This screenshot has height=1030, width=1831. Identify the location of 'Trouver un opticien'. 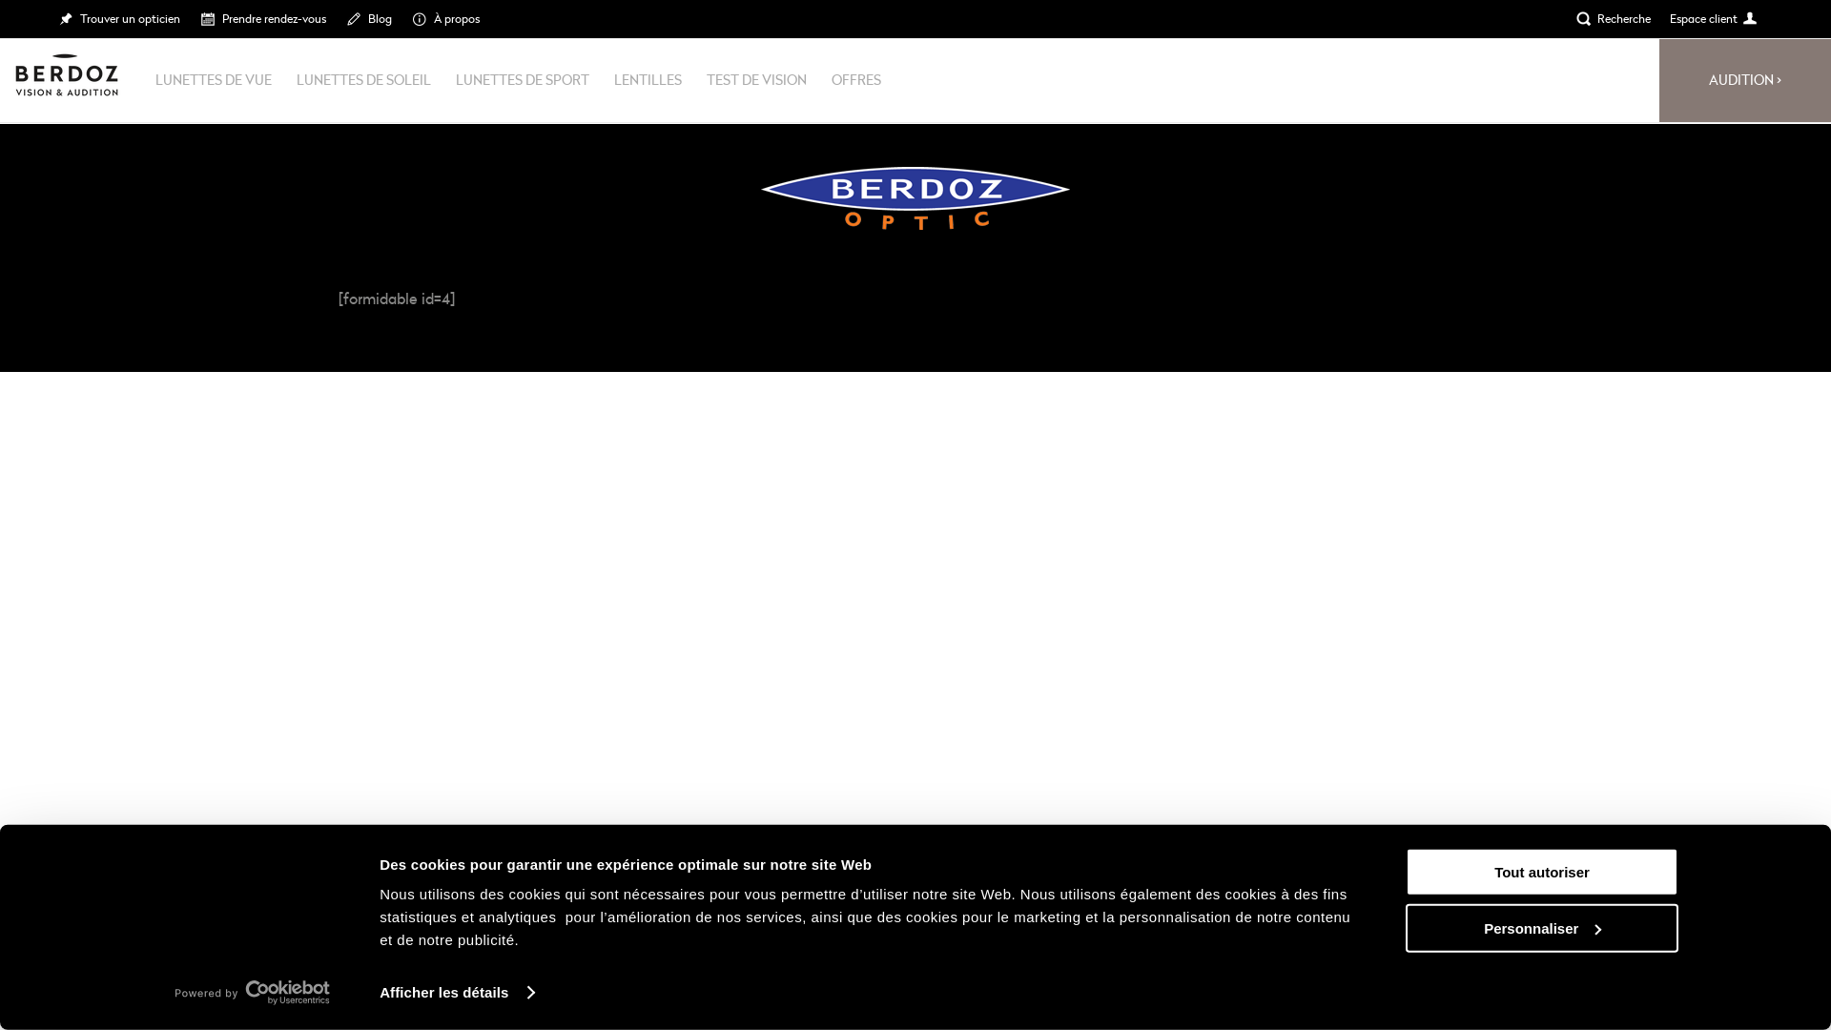
(117, 18).